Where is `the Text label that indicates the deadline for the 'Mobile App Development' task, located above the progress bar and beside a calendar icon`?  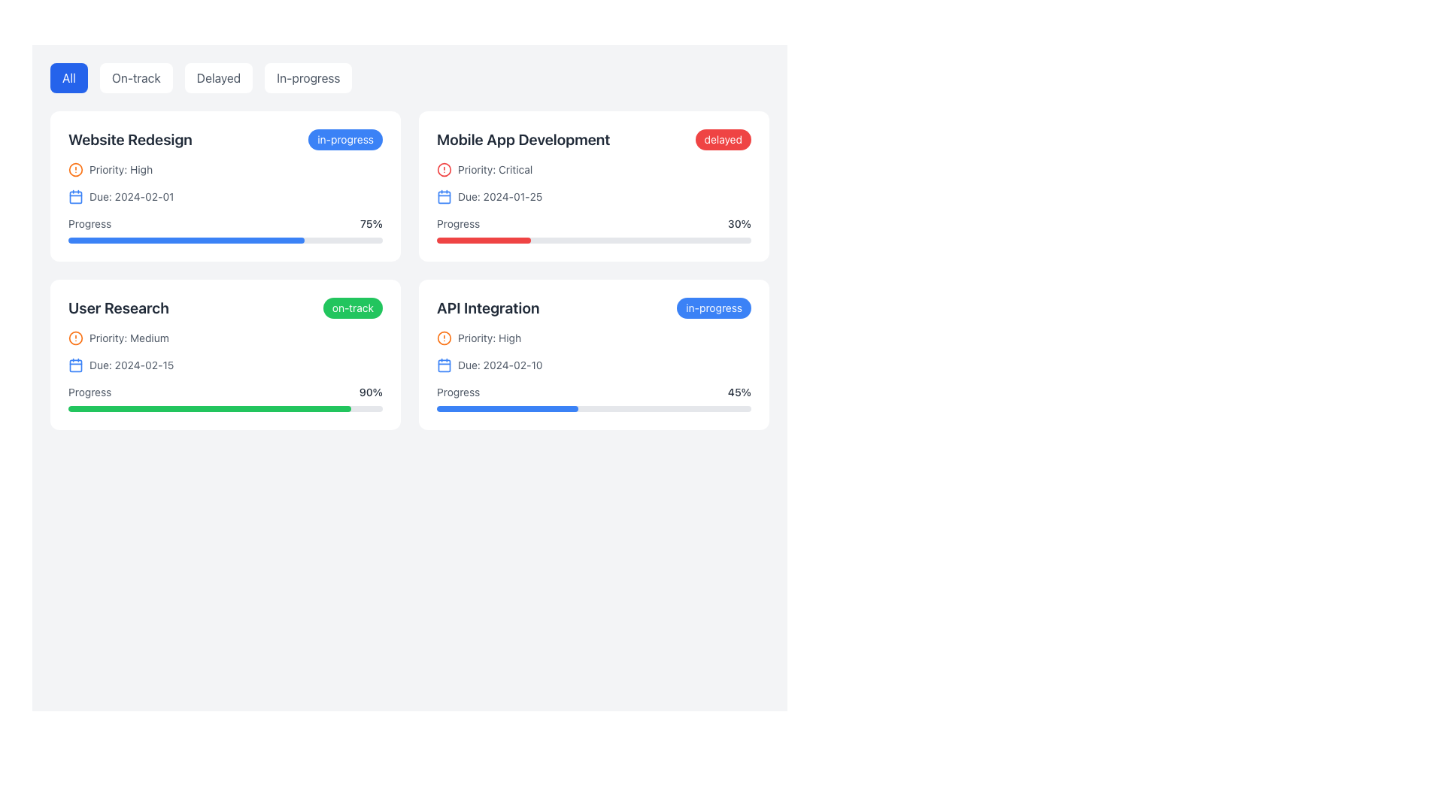 the Text label that indicates the deadline for the 'Mobile App Development' task, located above the progress bar and beside a calendar icon is located at coordinates (500, 196).